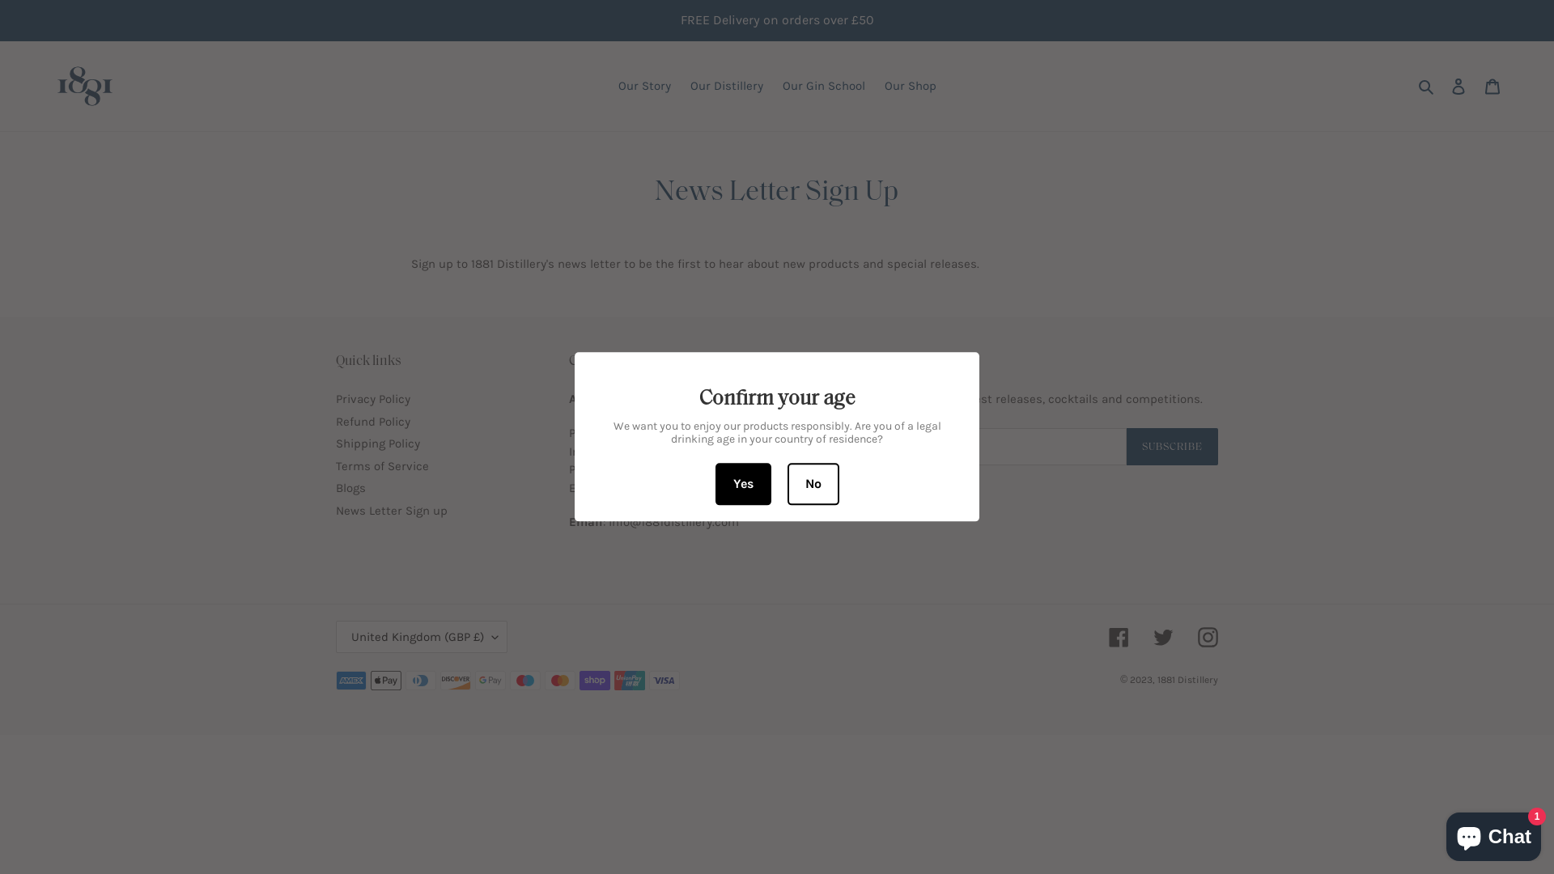 The width and height of the screenshot is (1554, 874). What do you see at coordinates (742, 483) in the screenshot?
I see `'Yes'` at bounding box center [742, 483].